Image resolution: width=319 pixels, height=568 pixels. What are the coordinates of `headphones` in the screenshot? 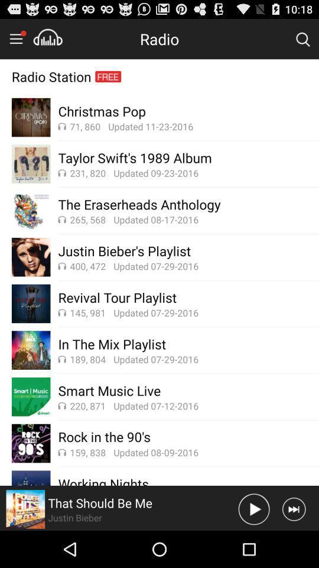 It's located at (47, 38).